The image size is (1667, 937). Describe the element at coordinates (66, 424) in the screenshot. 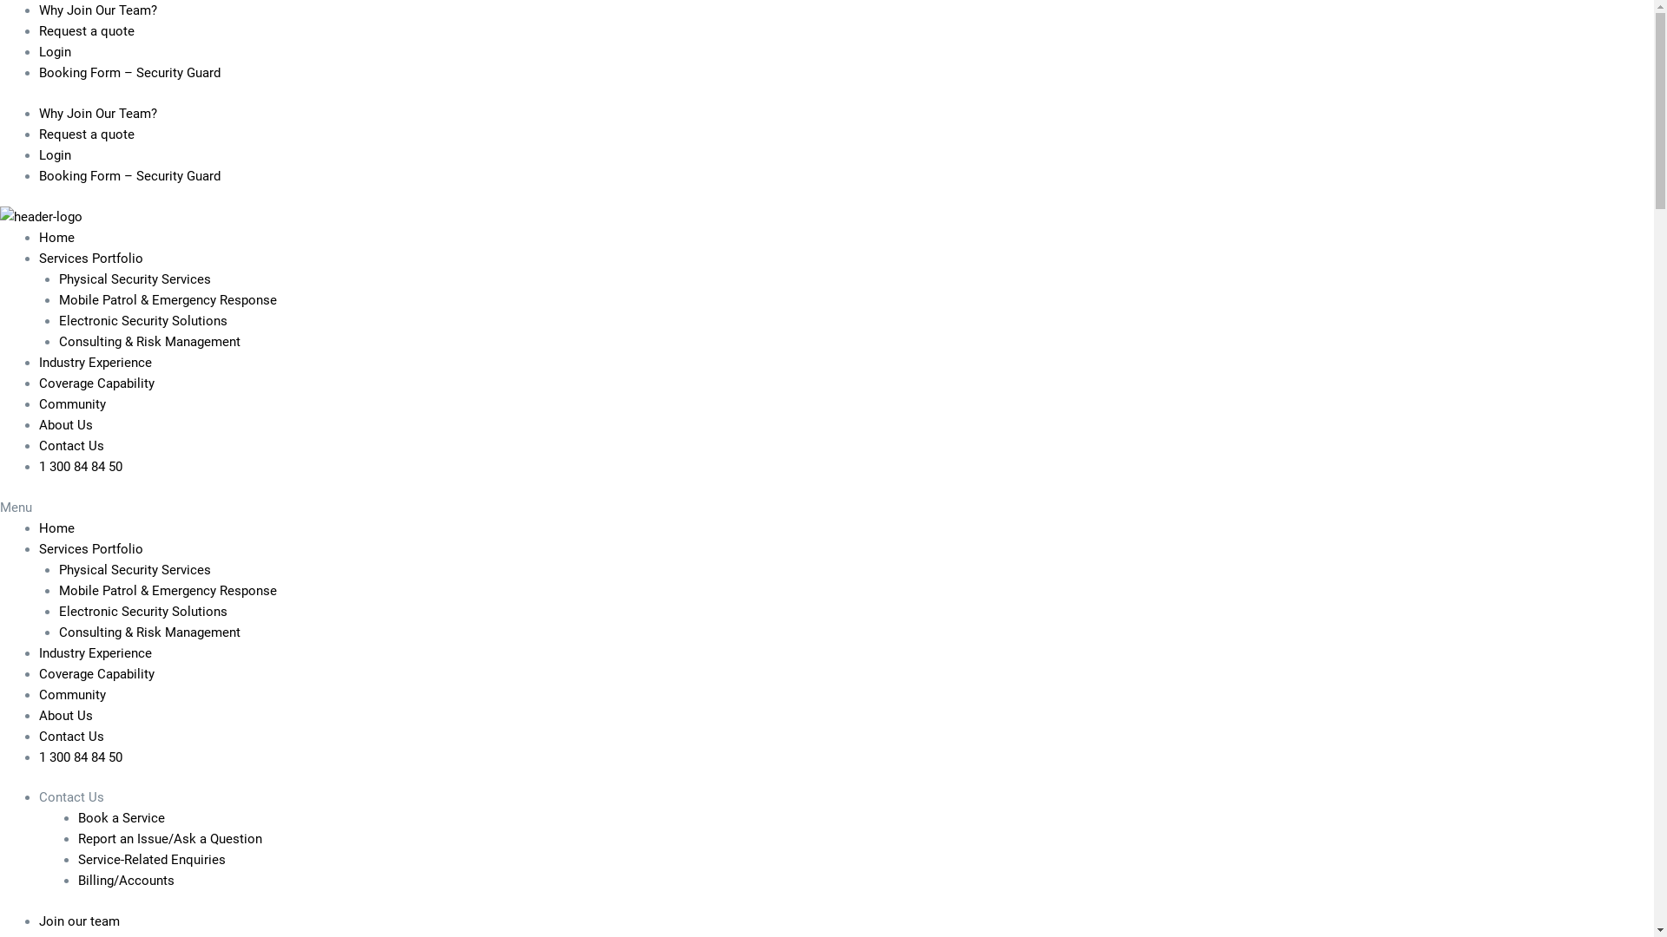

I see `'About Us'` at that location.